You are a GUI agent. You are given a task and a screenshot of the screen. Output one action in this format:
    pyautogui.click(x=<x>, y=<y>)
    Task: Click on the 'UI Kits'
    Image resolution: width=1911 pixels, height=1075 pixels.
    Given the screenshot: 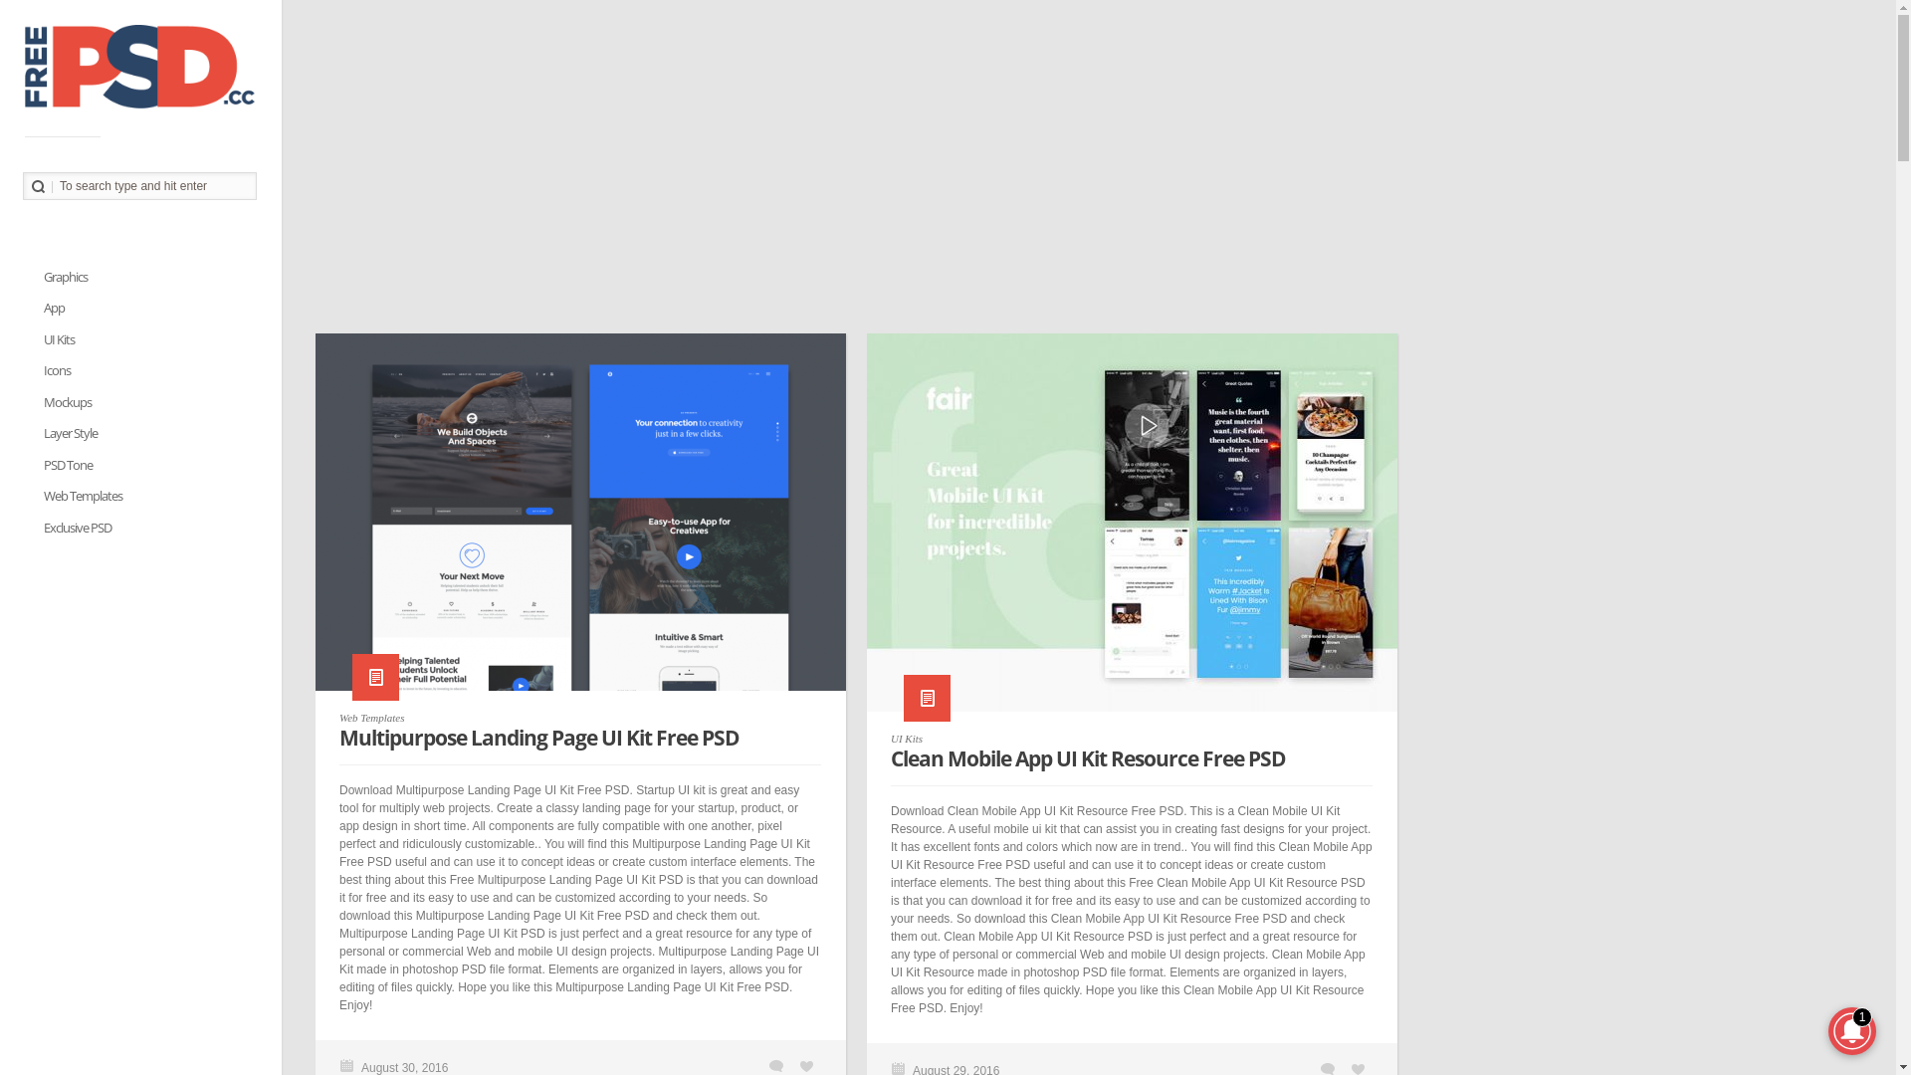 What is the action you would take?
    pyautogui.click(x=59, y=338)
    